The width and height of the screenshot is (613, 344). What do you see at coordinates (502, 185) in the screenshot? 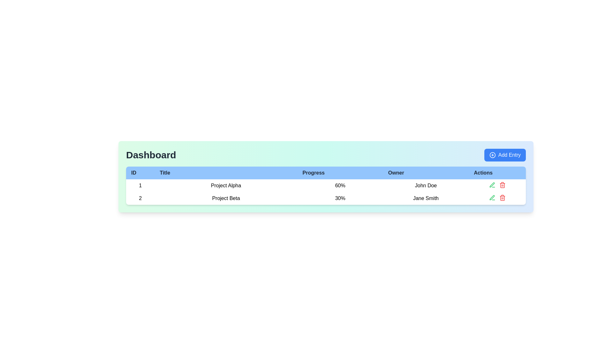
I see `the delete button icon in the Actions column of the second row of the data table` at bounding box center [502, 185].